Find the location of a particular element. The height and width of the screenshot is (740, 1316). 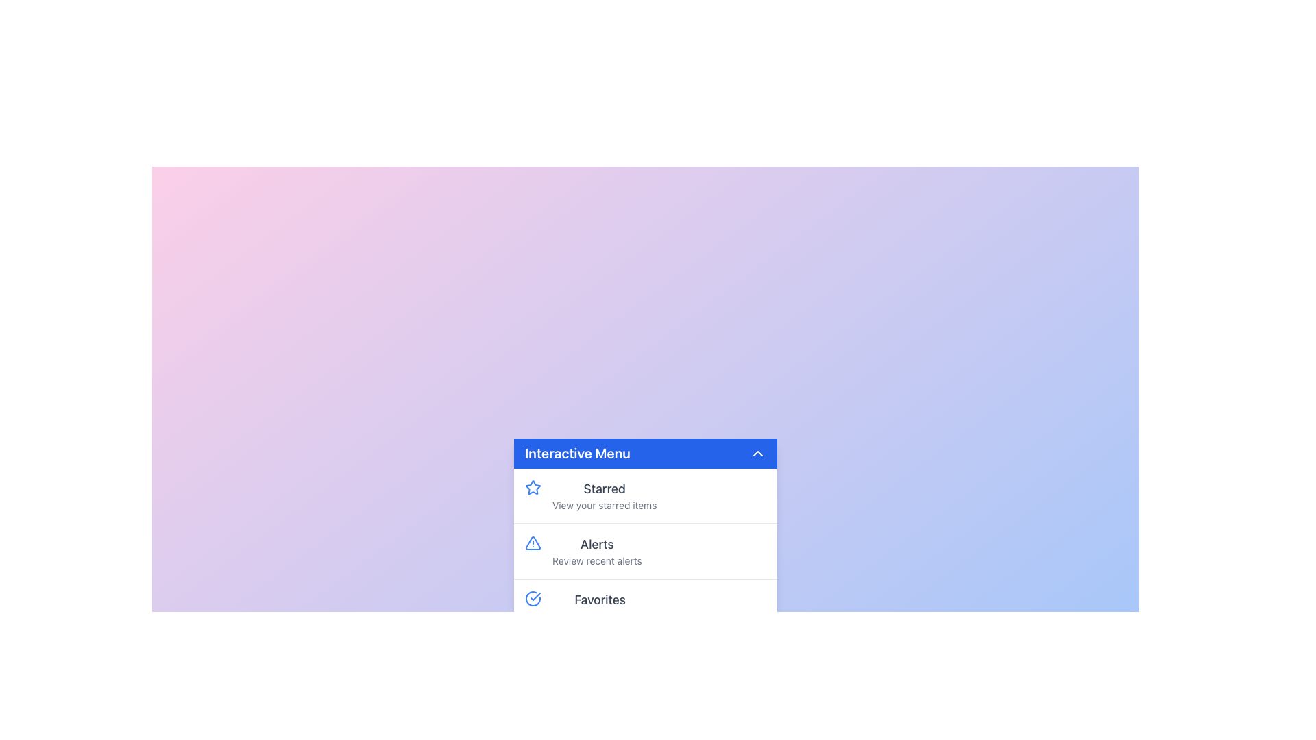

the solid blue circular icon with a checkmark inside, located in the 'Favorites' section of the menu is located at coordinates (532, 598).